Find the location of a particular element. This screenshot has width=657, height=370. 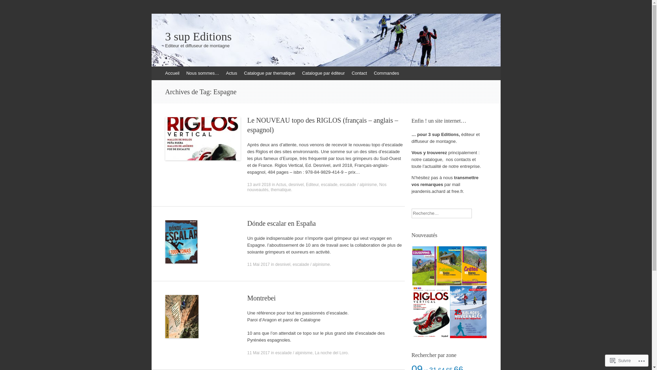

'La noche del Loro' is located at coordinates (331, 353).